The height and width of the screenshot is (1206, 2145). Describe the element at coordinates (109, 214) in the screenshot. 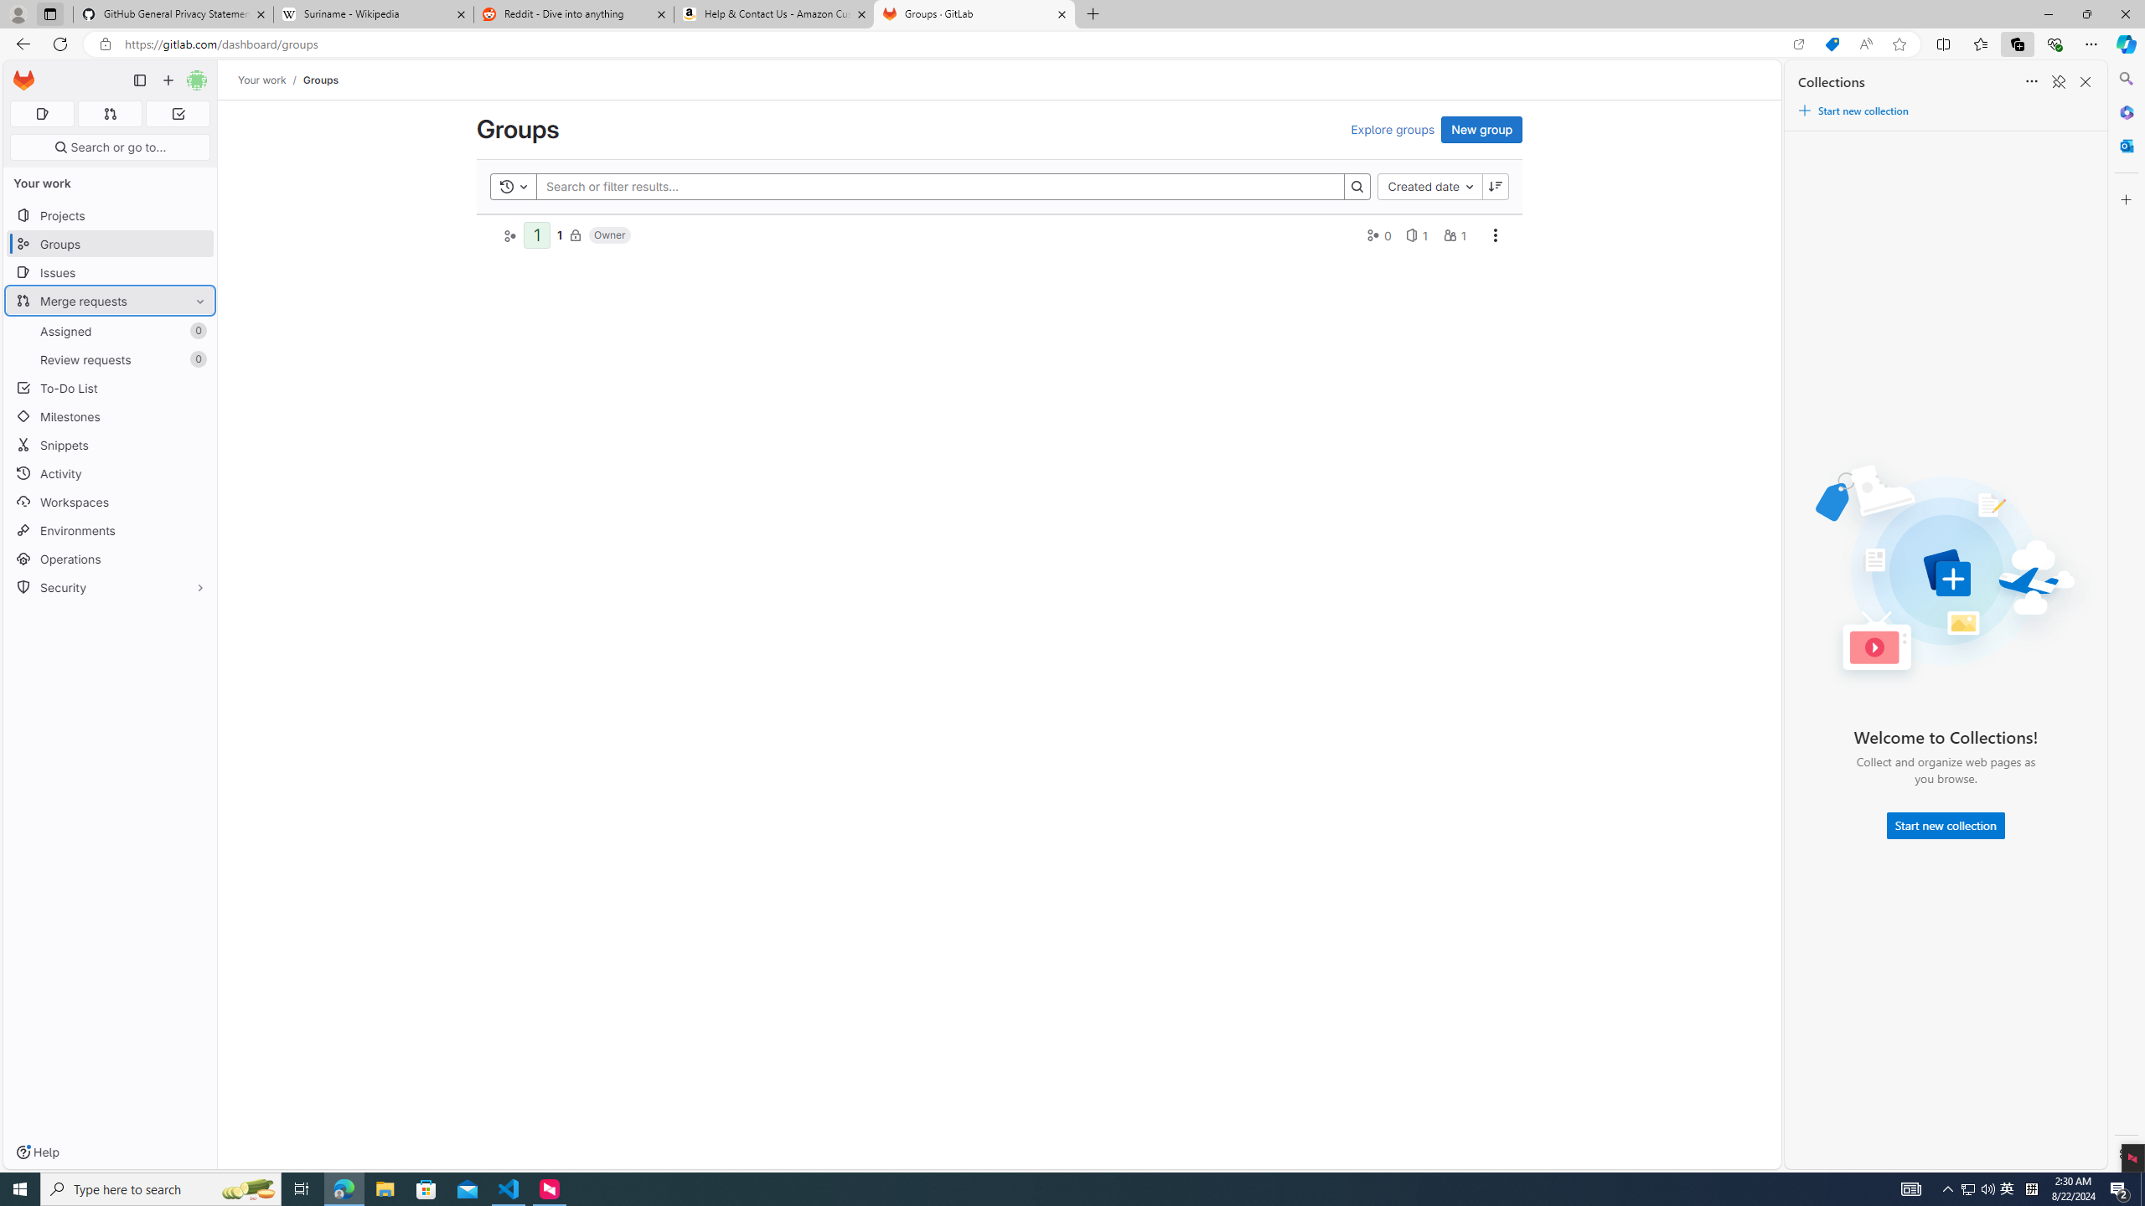

I see `'Projects'` at that location.